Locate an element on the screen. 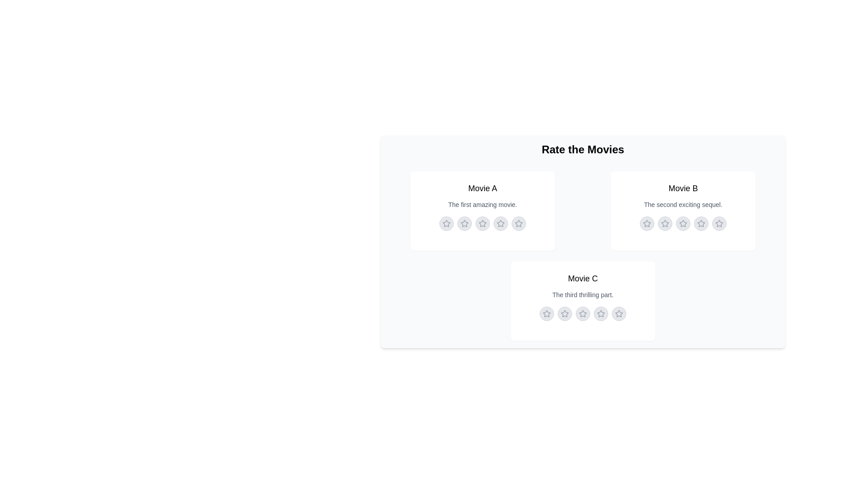 The height and width of the screenshot is (487, 867). the fifth interactive rating icon (star) below the title 'Movie A' is located at coordinates (518, 223).